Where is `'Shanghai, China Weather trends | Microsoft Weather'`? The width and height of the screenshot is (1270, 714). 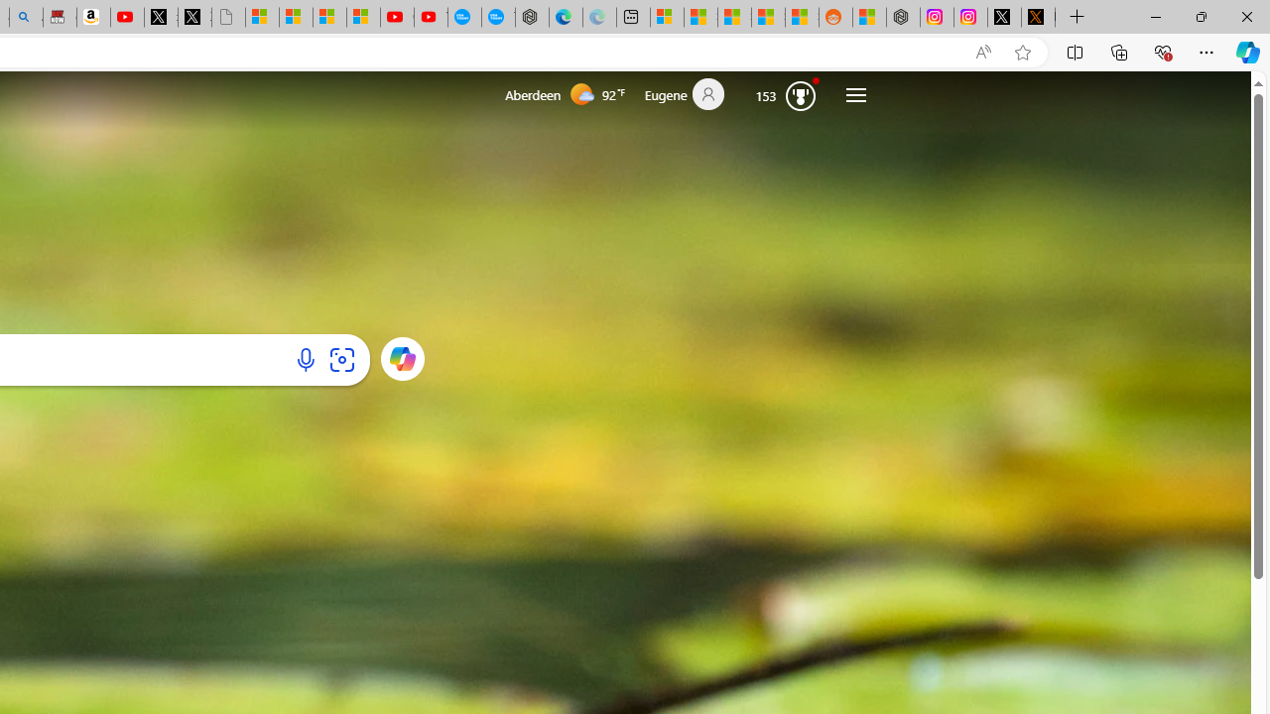
'Shanghai, China Weather trends | Microsoft Weather' is located at coordinates (802, 17).